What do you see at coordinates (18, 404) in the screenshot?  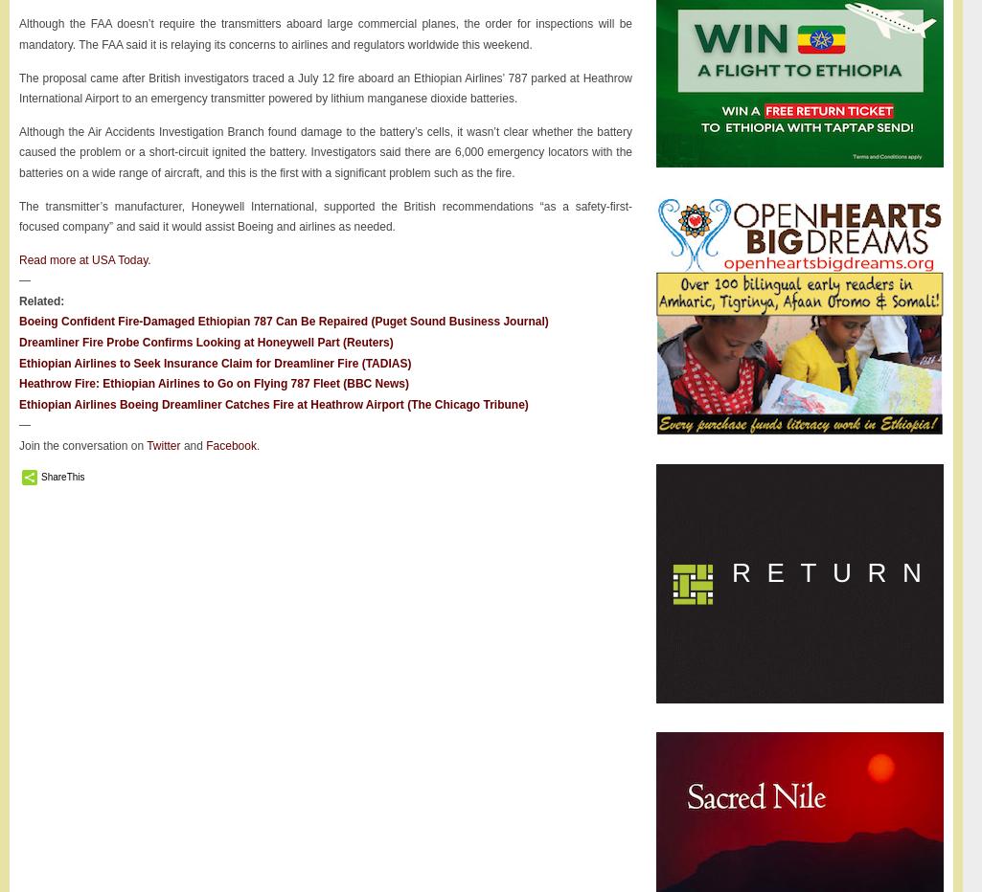 I see `'Ethiopian Airlines Boeing Dreamliner Catches Fire at Heathrow Airport (The Chicago Tribune)'` at bounding box center [18, 404].